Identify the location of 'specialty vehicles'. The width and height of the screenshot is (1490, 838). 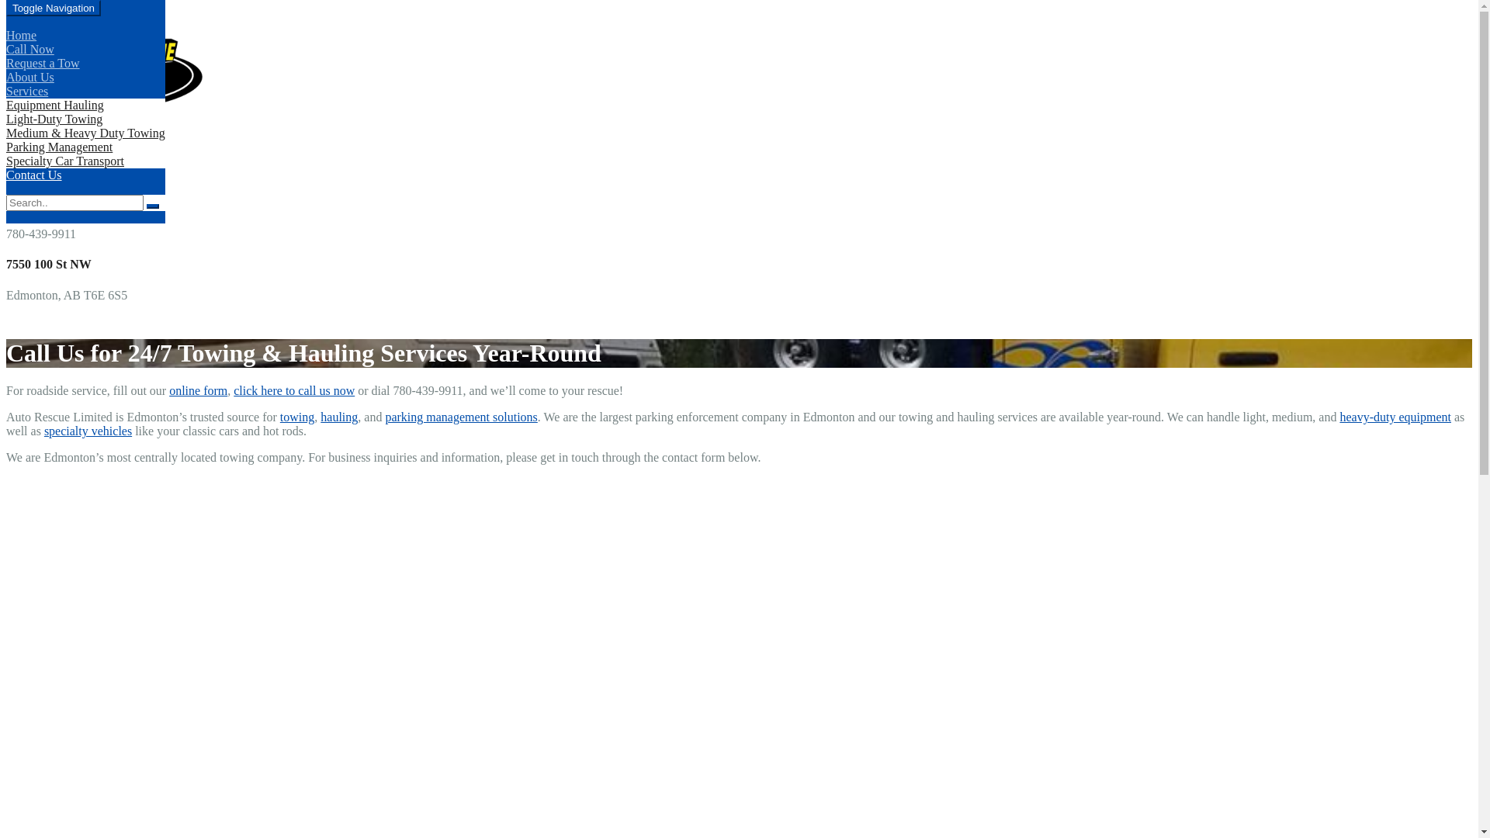
(87, 431).